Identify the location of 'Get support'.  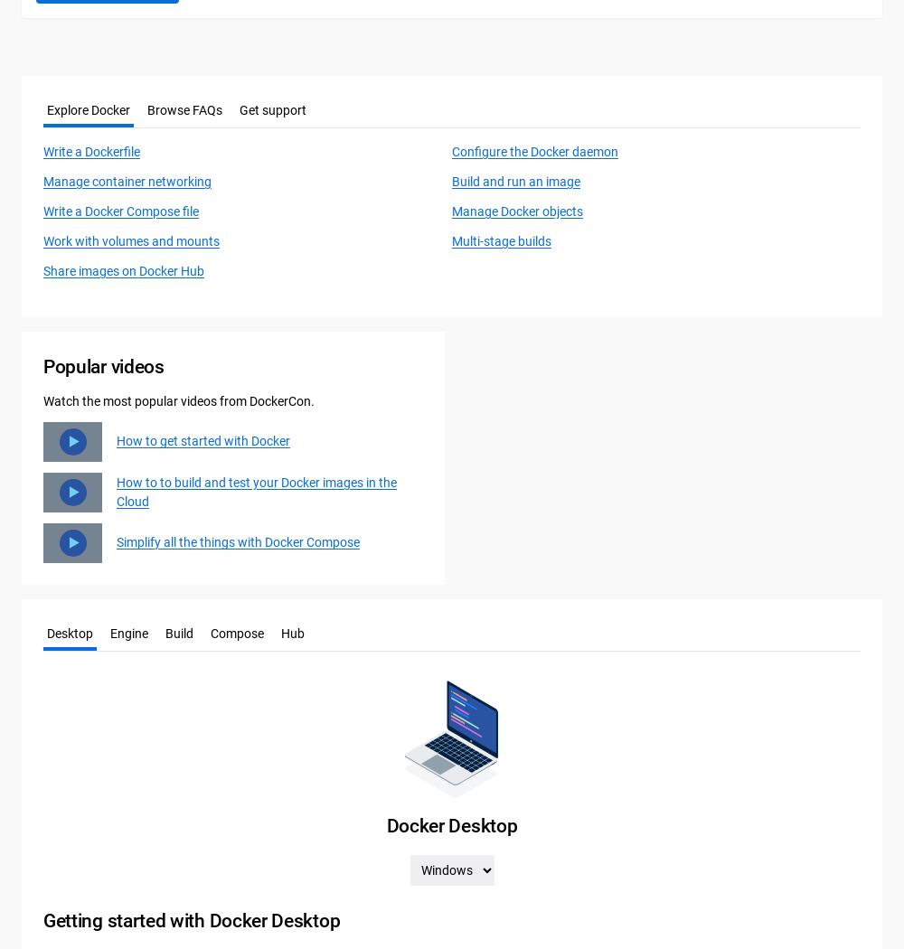
(273, 109).